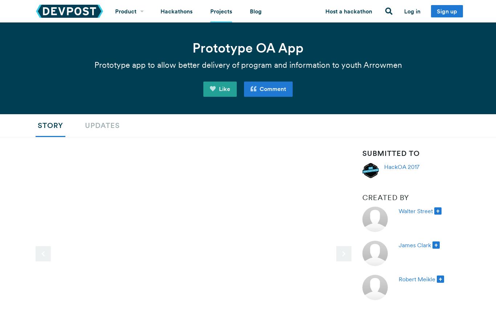 This screenshot has height=323, width=496. I want to click on 'Updates', so click(102, 124).